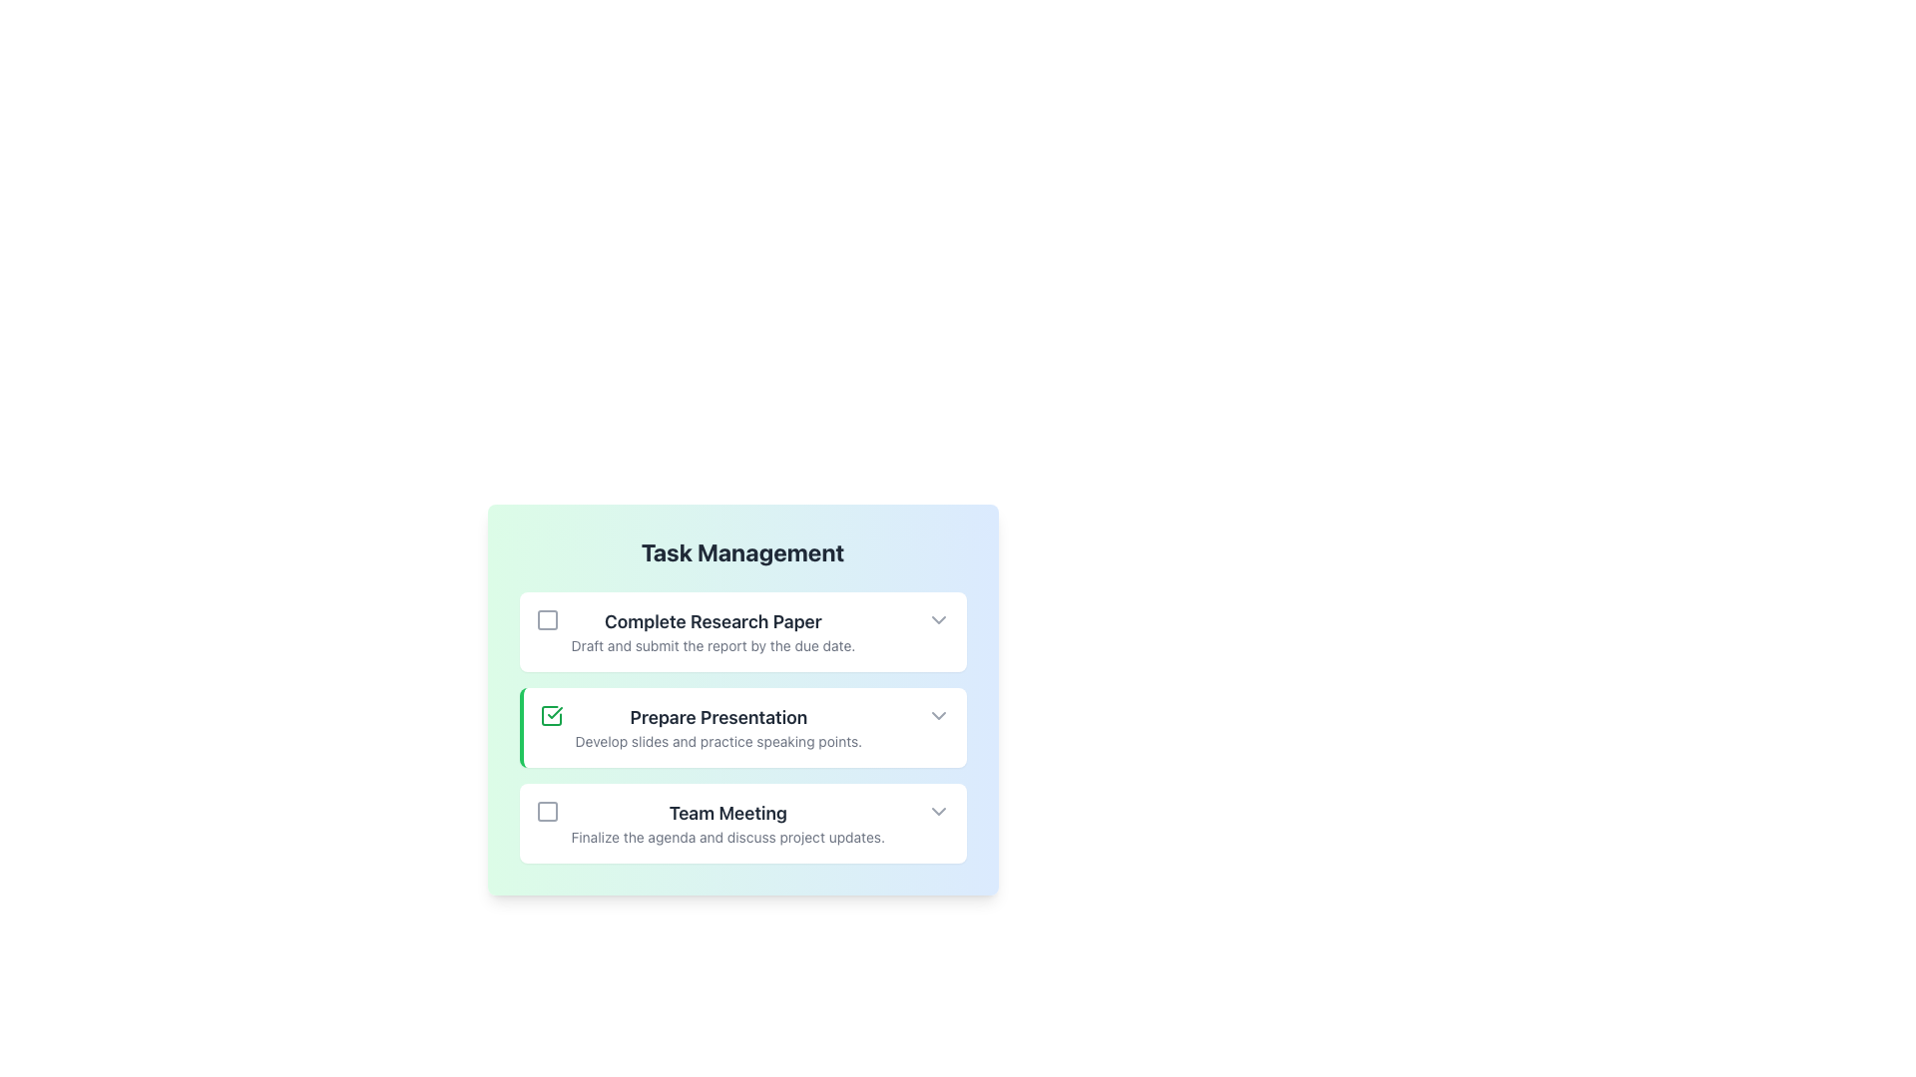  Describe the element at coordinates (741, 727) in the screenshot. I see `the green check icon in the 'Prepare Presentation' interactive list item` at that location.